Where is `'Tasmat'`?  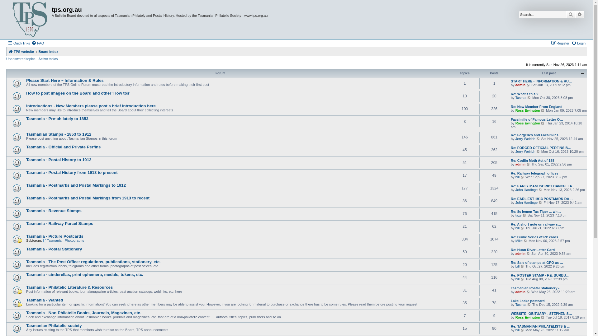
'Tasmat' is located at coordinates (521, 97).